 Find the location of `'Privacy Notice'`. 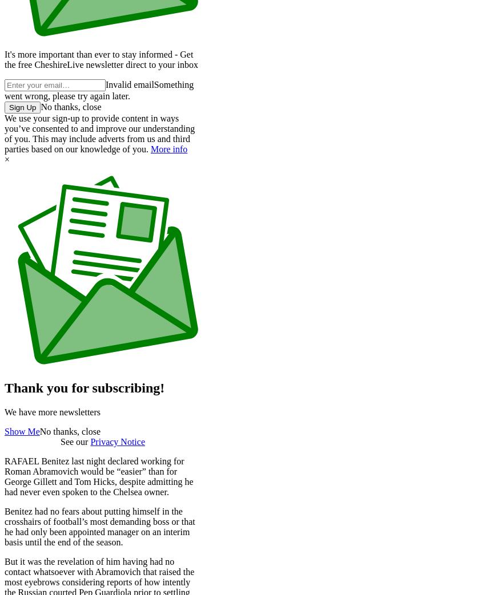

'Privacy Notice' is located at coordinates (117, 440).